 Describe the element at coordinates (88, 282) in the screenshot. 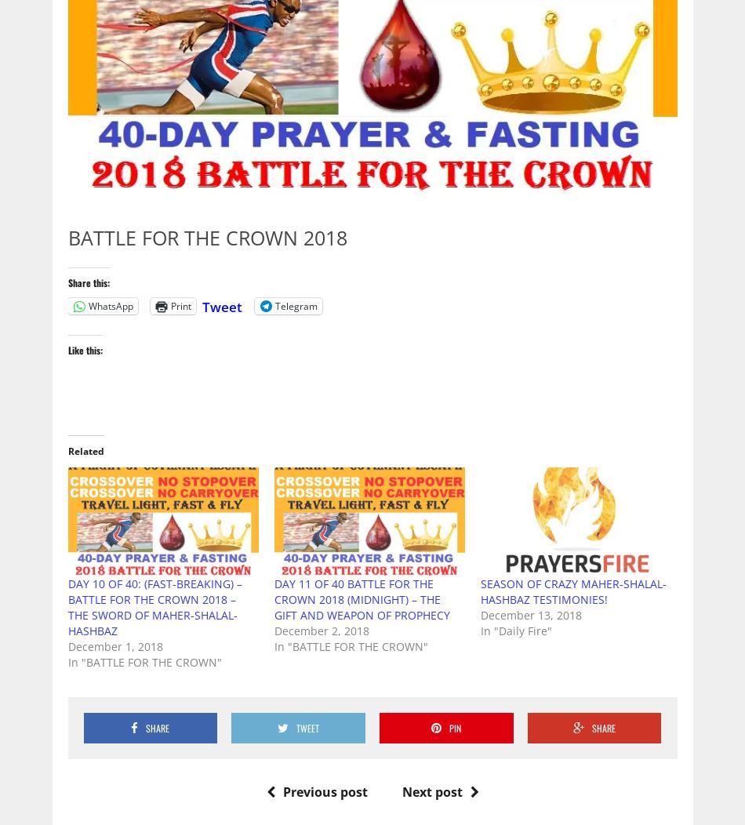

I see `'Share this:'` at that location.